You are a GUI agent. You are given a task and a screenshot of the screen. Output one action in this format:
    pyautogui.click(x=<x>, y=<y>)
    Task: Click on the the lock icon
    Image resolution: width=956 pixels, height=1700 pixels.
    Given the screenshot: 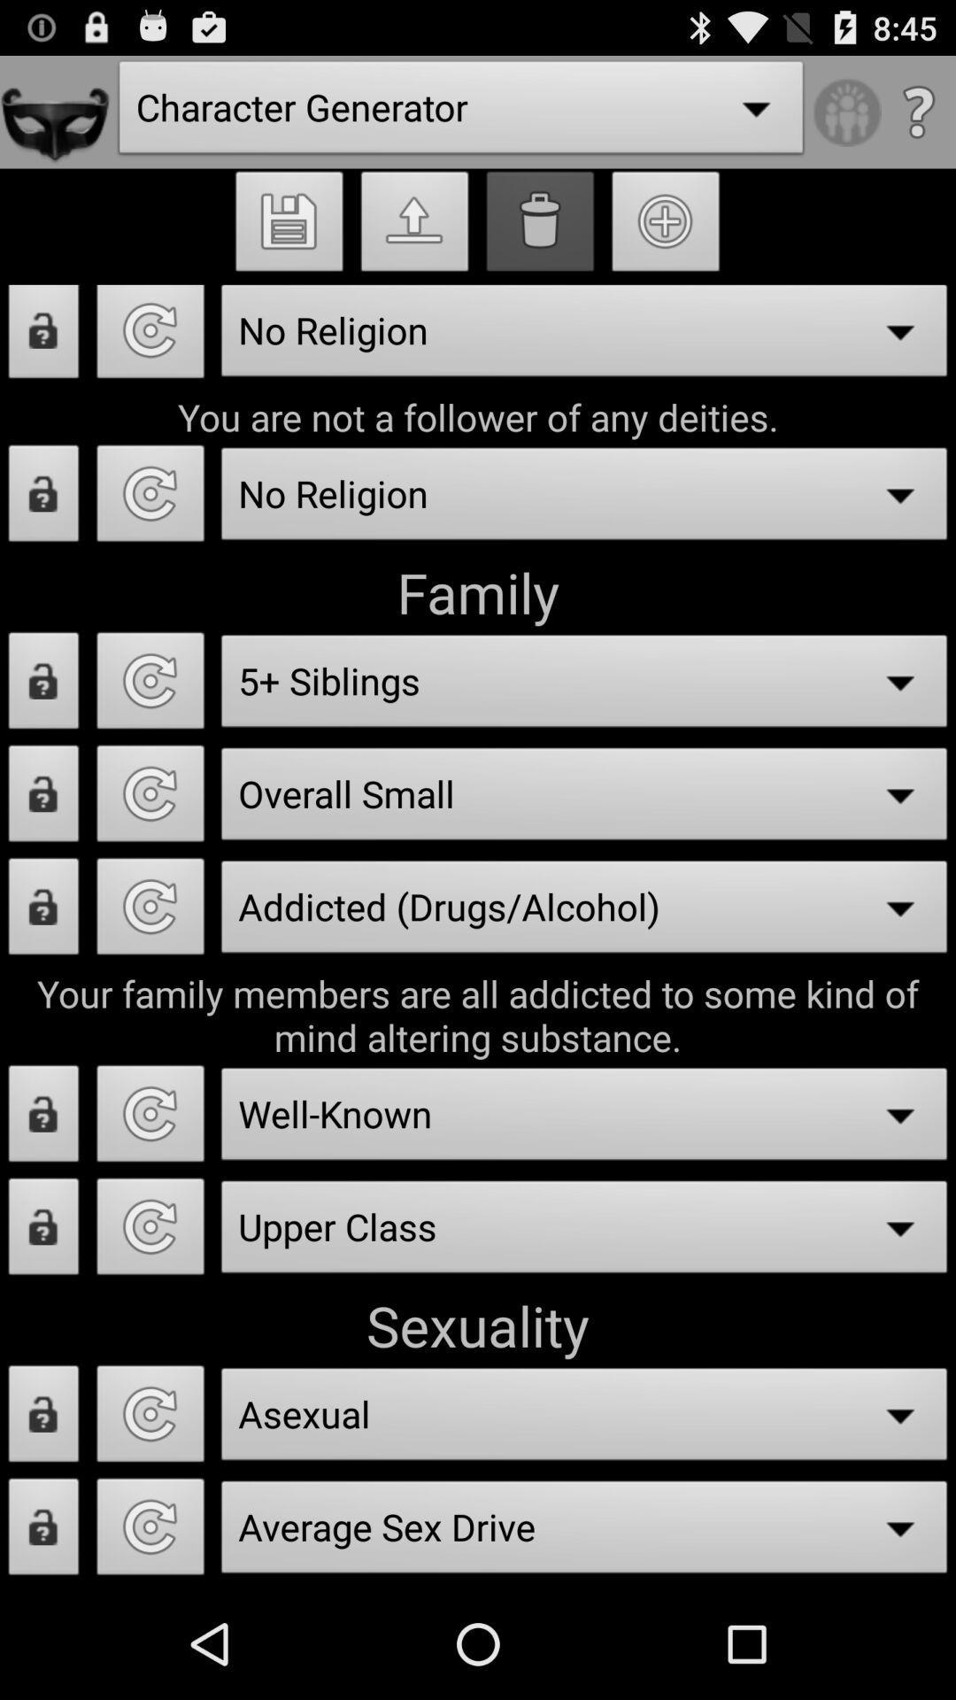 What is the action you would take?
    pyautogui.click(x=42, y=734)
    